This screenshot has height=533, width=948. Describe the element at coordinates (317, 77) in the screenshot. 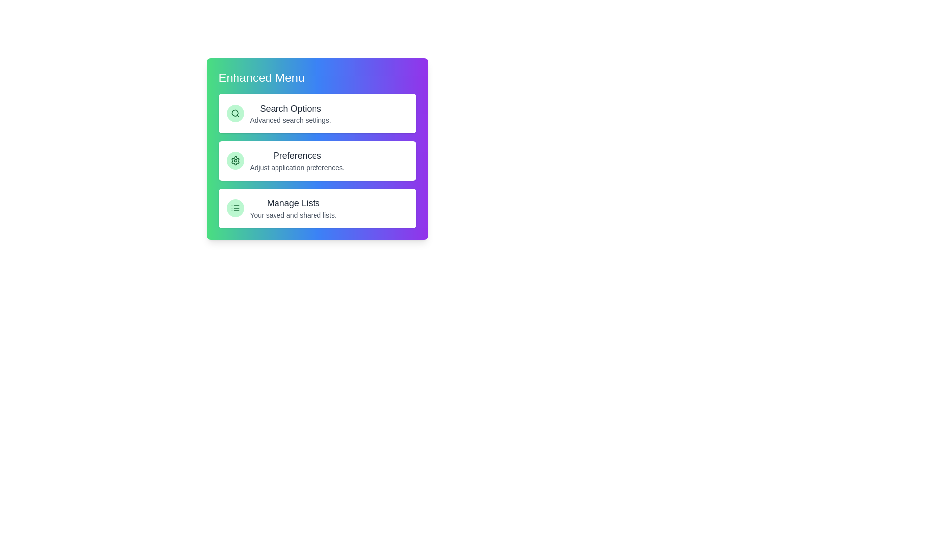

I see `the header of the menu to toggle its expanded or collapsed state` at that location.